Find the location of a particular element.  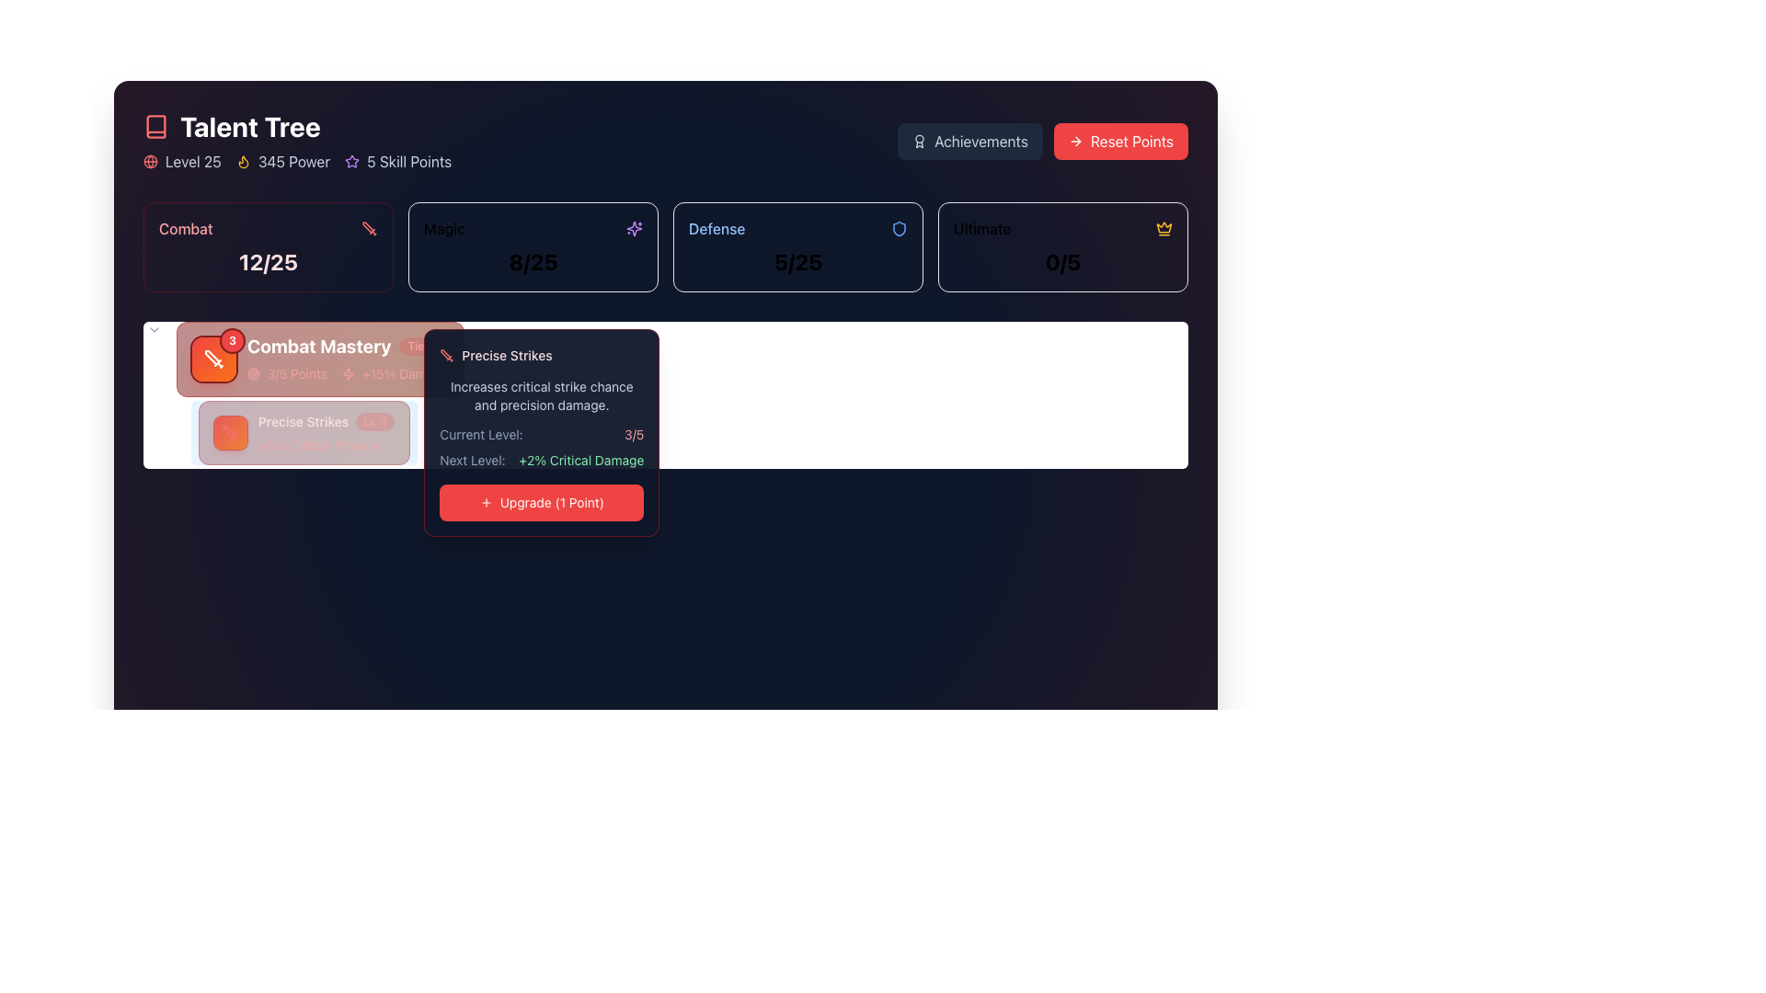

the 'Magic' button, which is the second element in a horizontal navigation bar is located at coordinates (412, 244).